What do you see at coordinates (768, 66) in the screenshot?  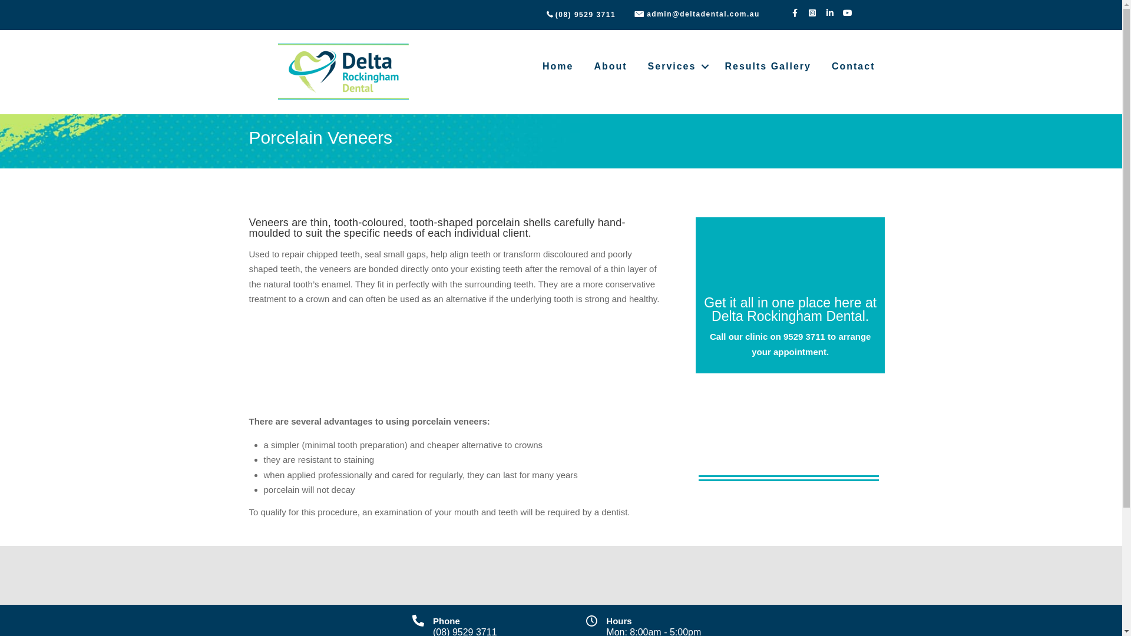 I see `'Results Gallery'` at bounding box center [768, 66].